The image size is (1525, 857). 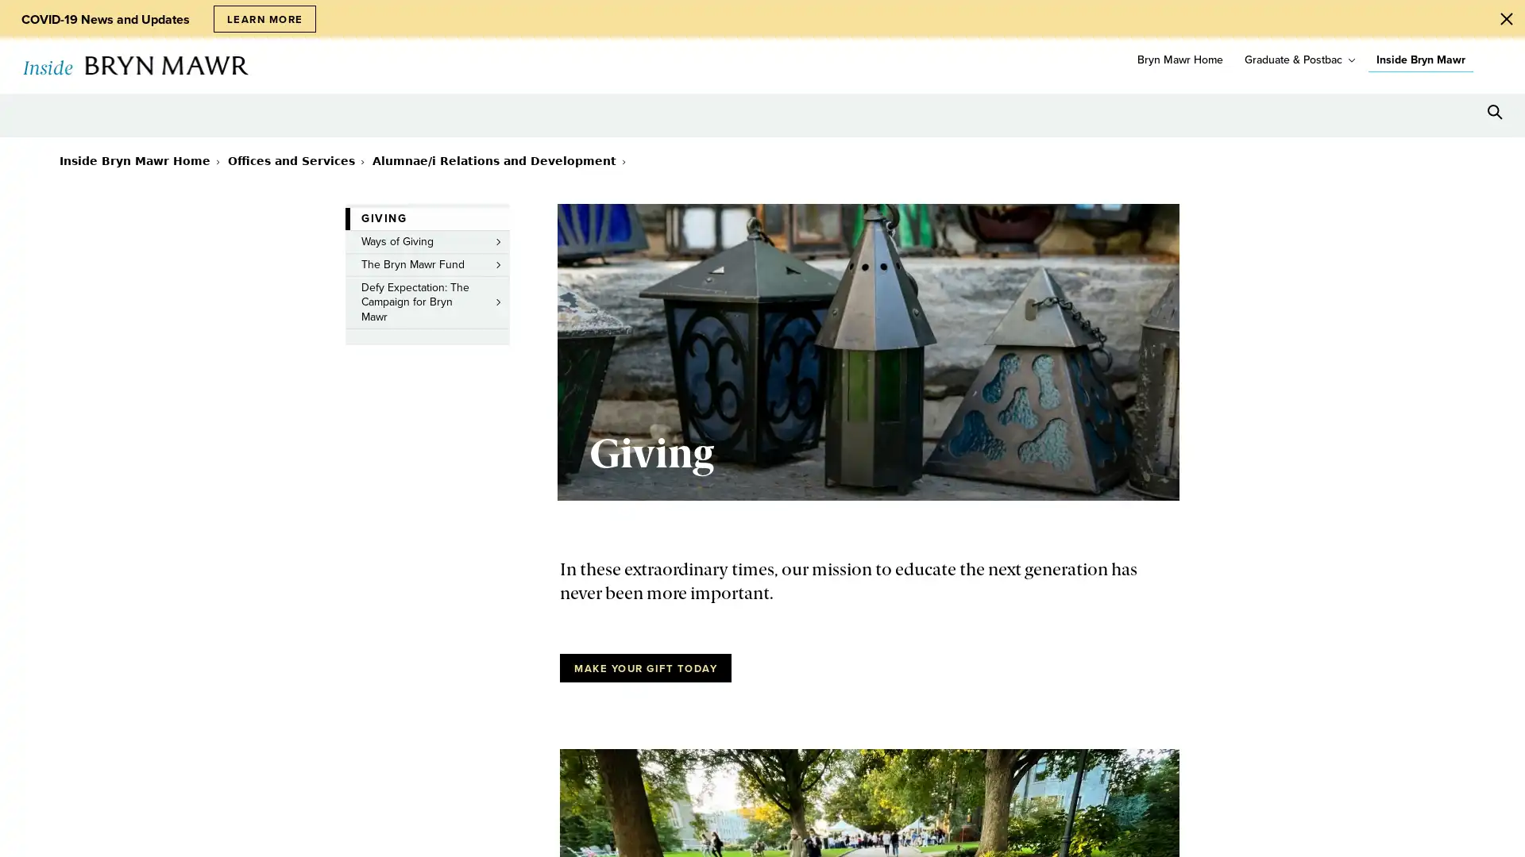 I want to click on Graduate & Postbac, so click(x=1293, y=59).